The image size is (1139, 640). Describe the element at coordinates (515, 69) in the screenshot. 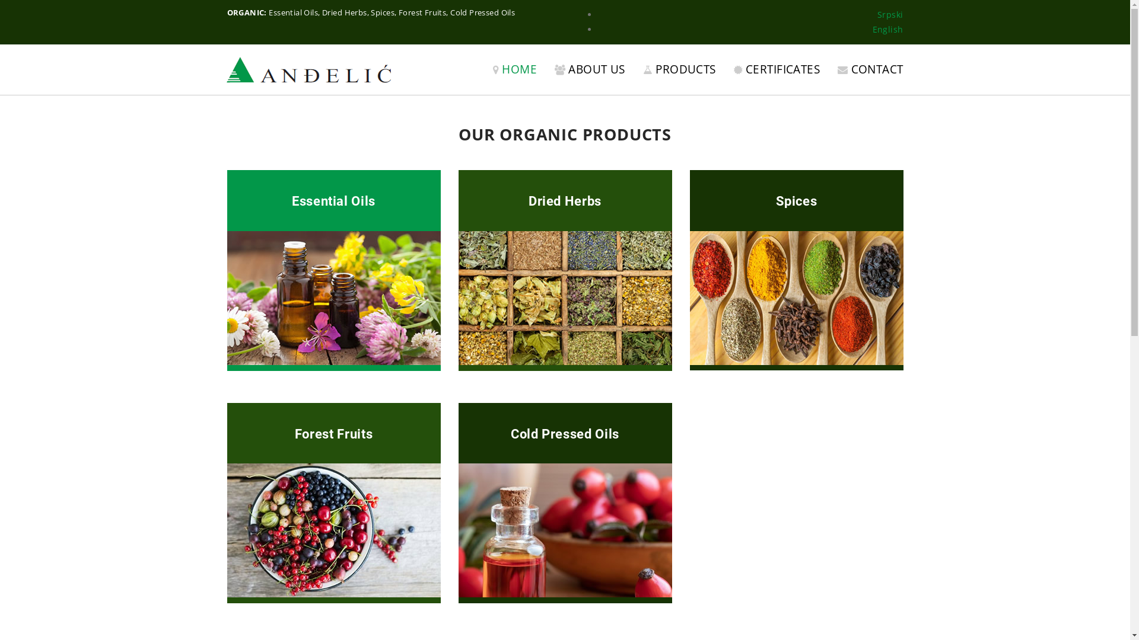

I see `'HOME'` at that location.